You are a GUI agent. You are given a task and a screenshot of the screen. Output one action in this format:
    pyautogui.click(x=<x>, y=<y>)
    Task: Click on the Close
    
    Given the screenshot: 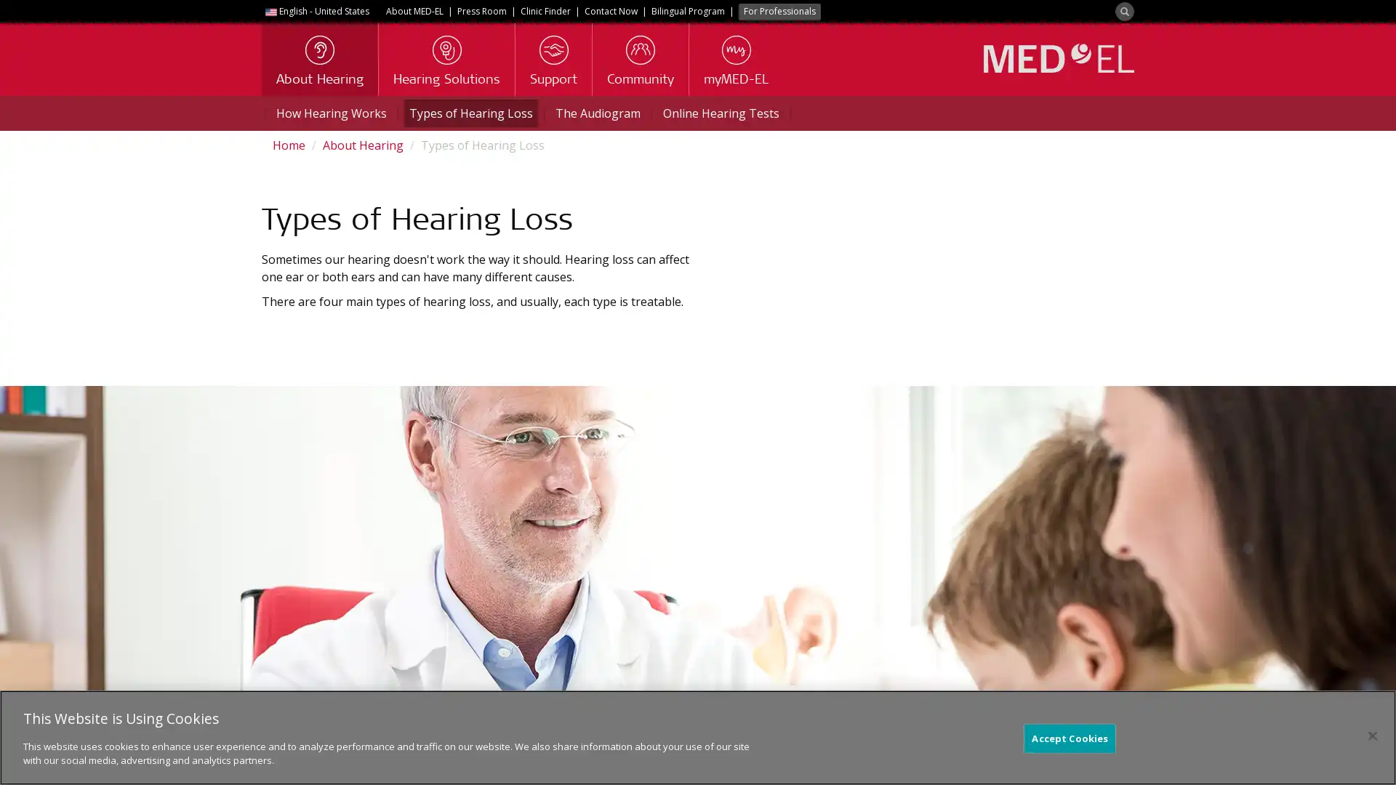 What is the action you would take?
    pyautogui.click(x=1371, y=735)
    